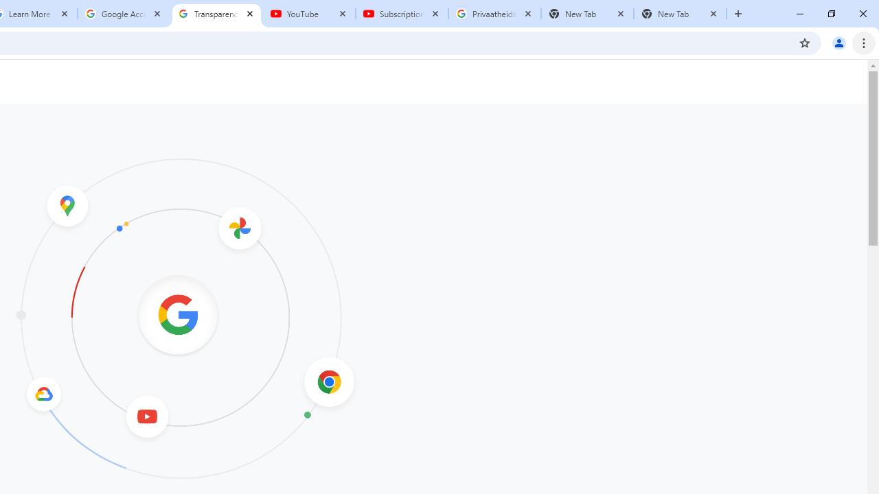 This screenshot has width=879, height=494. I want to click on 'New Tab', so click(680, 14).